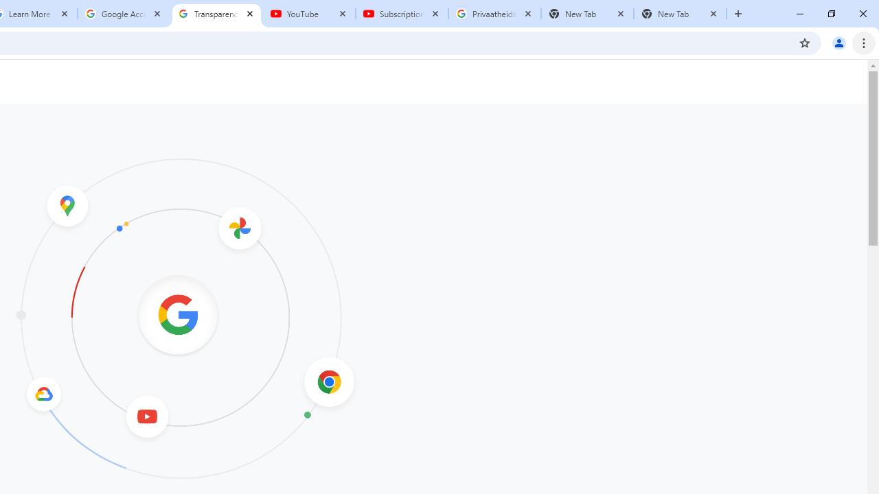 This screenshot has width=879, height=494. I want to click on 'New Tab', so click(680, 14).